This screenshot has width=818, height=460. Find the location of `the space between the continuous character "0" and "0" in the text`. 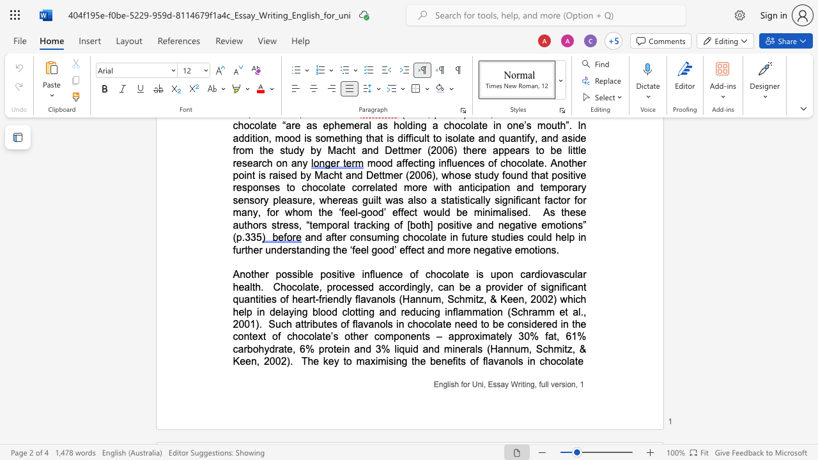

the space between the continuous character "0" and "0" in the text is located at coordinates (274, 361).